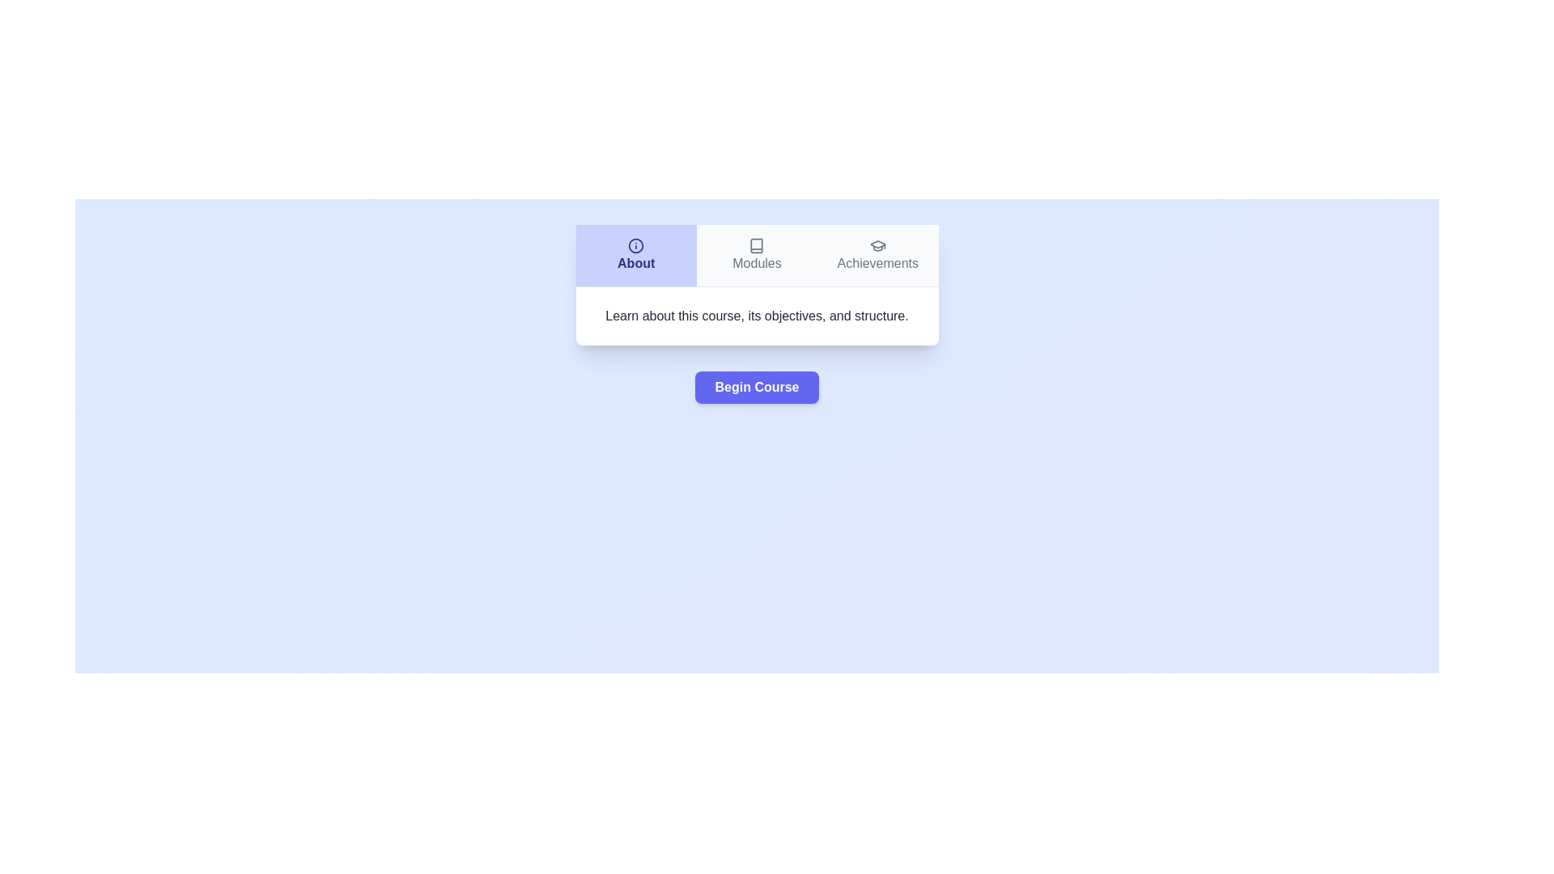 Image resolution: width=1554 pixels, height=874 pixels. What do you see at coordinates (756, 255) in the screenshot?
I see `the Modules tab` at bounding box center [756, 255].